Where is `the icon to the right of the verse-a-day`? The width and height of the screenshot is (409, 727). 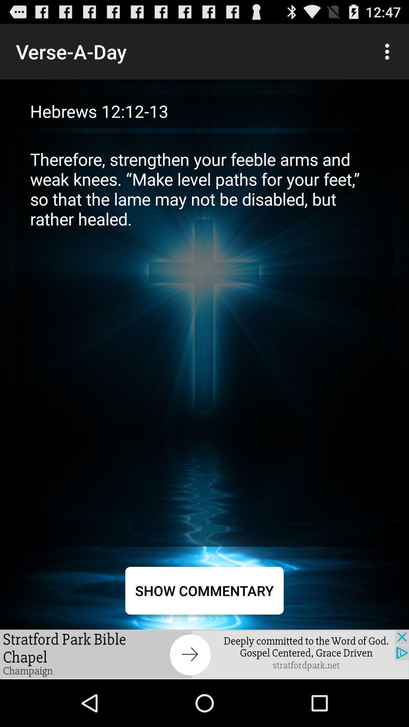 the icon to the right of the verse-a-day is located at coordinates (389, 51).